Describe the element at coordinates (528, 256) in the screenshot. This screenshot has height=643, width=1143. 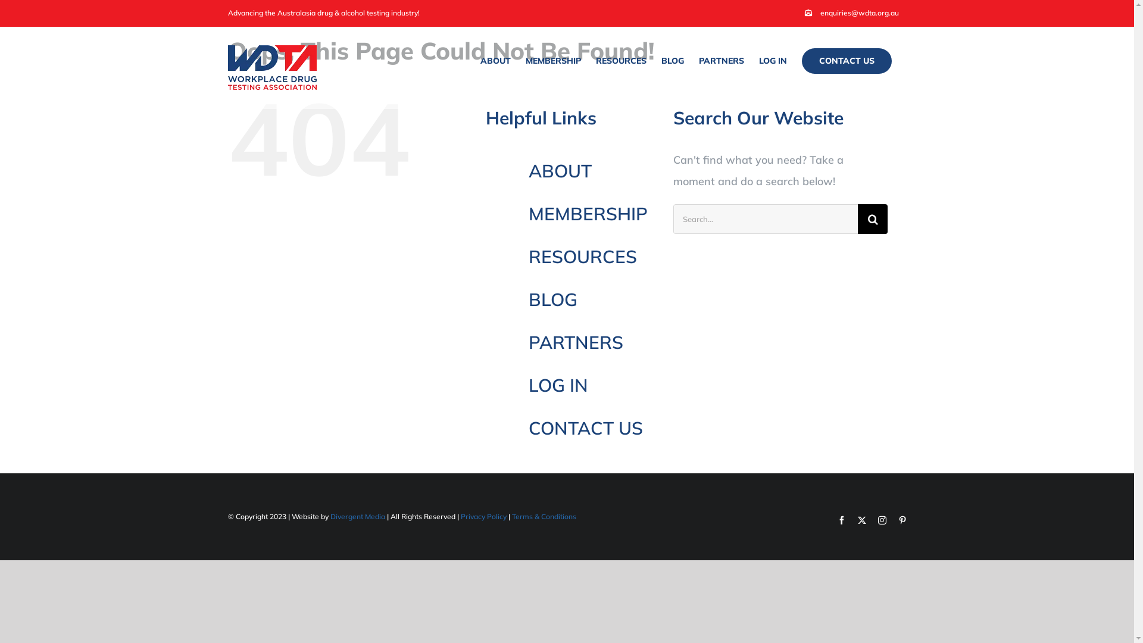
I see `'RESOURCES'` at that location.